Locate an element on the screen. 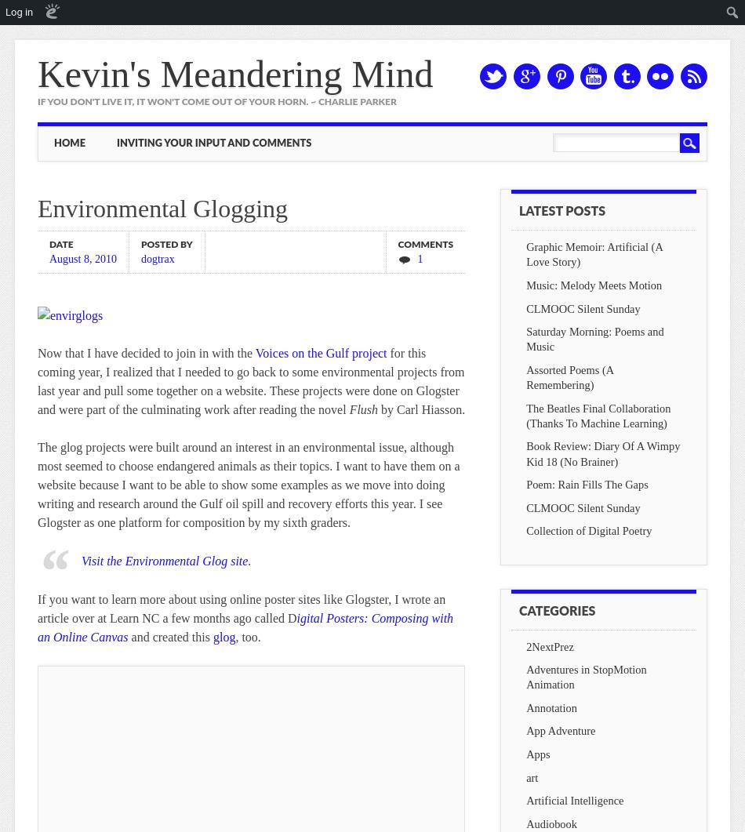 The image size is (745, 832). 'Book Review: Diary Of A Wimpy Kid 18 (No Brainer)' is located at coordinates (525, 452).